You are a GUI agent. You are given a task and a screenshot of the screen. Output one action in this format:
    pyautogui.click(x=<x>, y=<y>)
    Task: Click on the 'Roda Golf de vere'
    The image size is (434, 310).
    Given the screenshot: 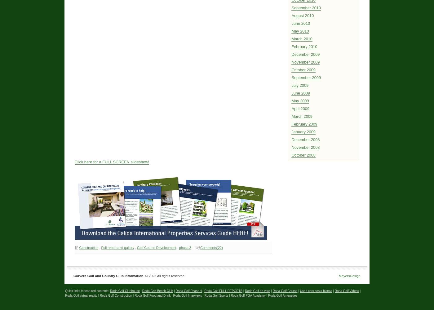 What is the action you would take?
    pyautogui.click(x=257, y=290)
    